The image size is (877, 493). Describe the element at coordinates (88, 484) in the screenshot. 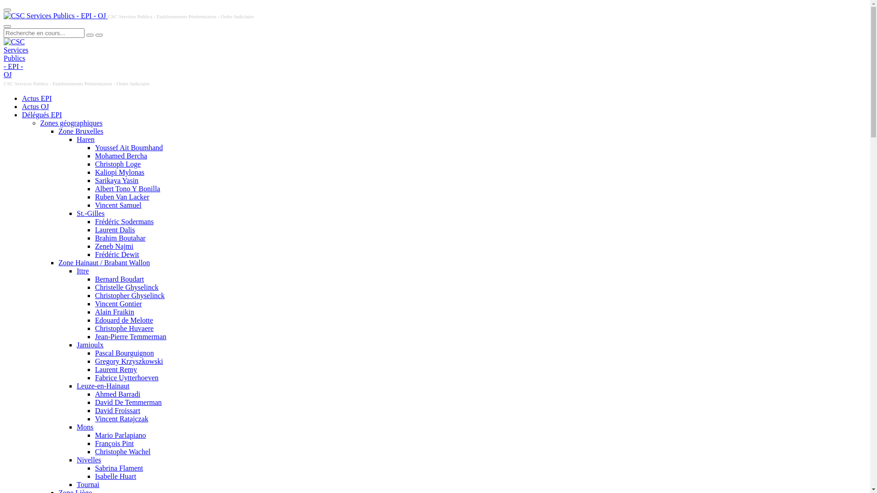

I see `'Tournai'` at that location.